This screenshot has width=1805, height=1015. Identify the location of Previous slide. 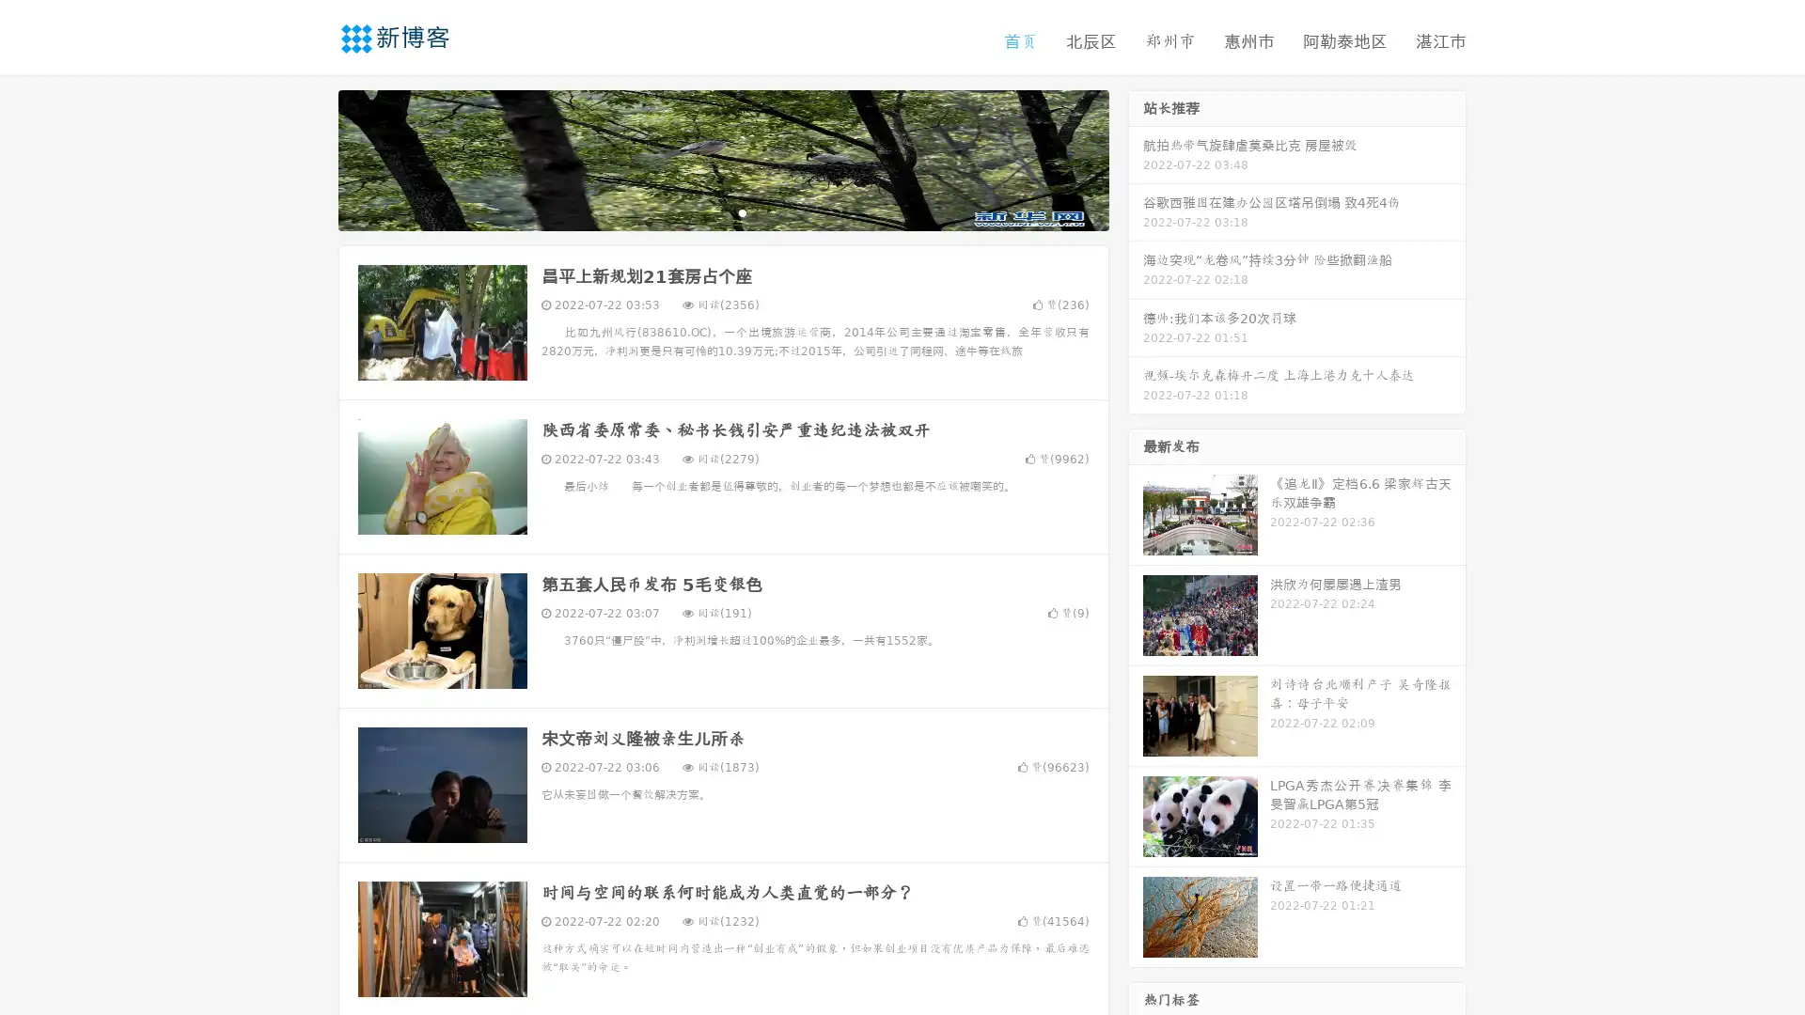
(310, 158).